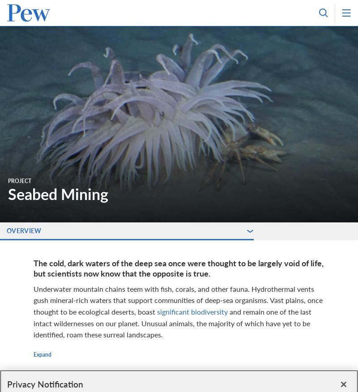 This screenshot has height=392, width=358. Describe the element at coordinates (34, 268) in the screenshot. I see `'The cold, dark waters of the deep sea once were thought to be largely void of life, but scientists now know that the opposite is true.'` at that location.